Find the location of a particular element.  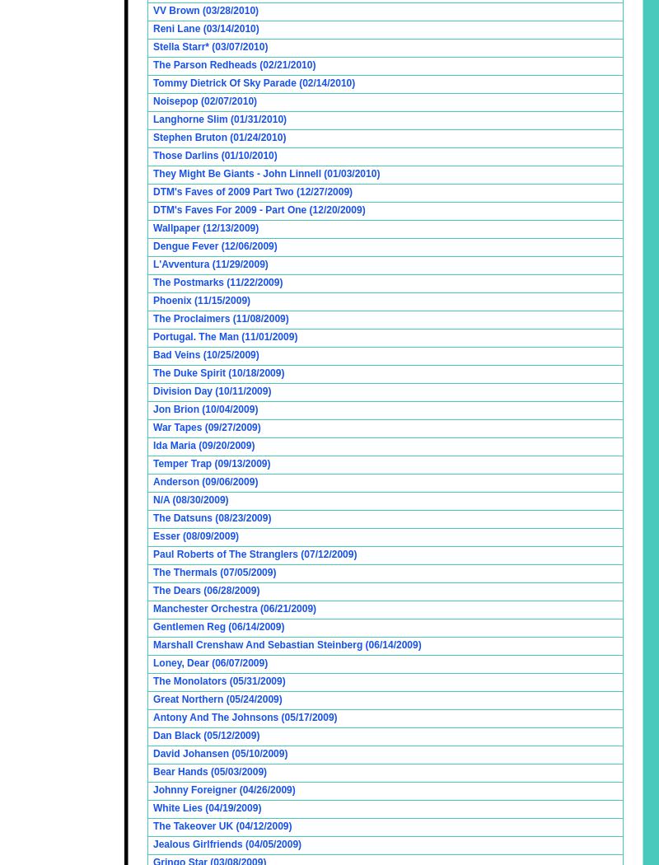

'Division Day (10/11/2009)' is located at coordinates (211, 391).